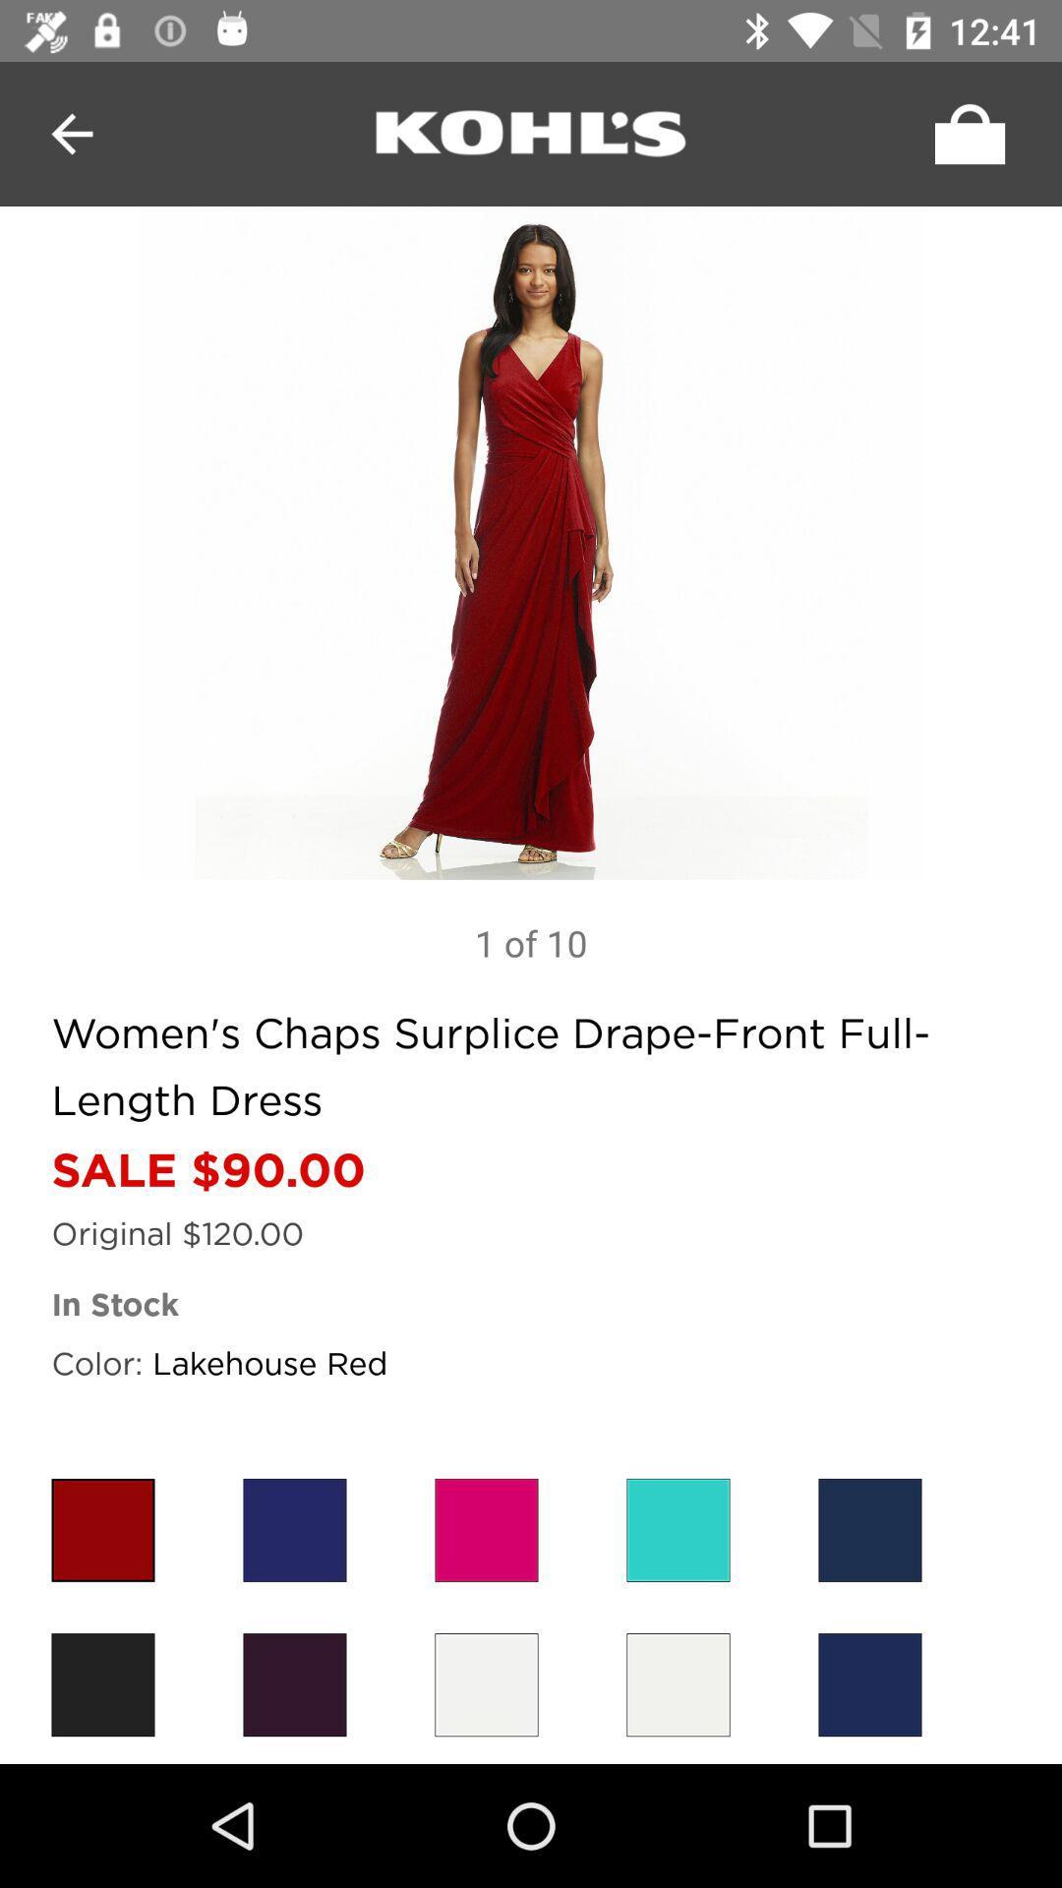 The width and height of the screenshot is (1062, 1888). What do you see at coordinates (964, 133) in the screenshot?
I see `the shop icon` at bounding box center [964, 133].